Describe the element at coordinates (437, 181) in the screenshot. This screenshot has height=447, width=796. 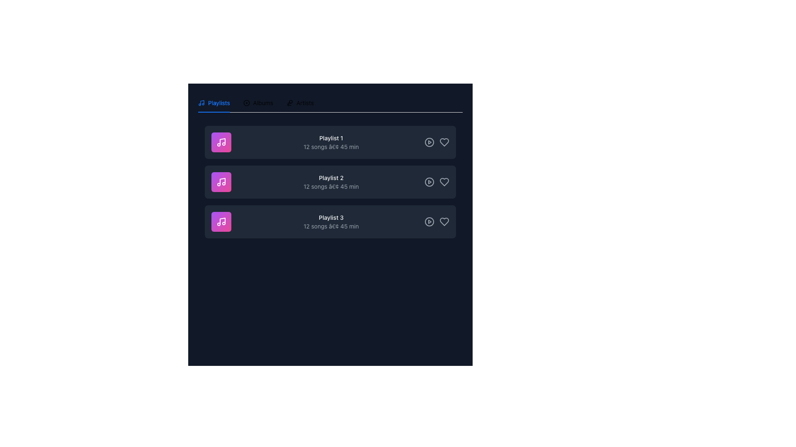
I see `the heart icon on the composite button to mark the playlist as favorite, which is located to the right of the 'Playlist 2, 12 songs • 45 min' row` at that location.